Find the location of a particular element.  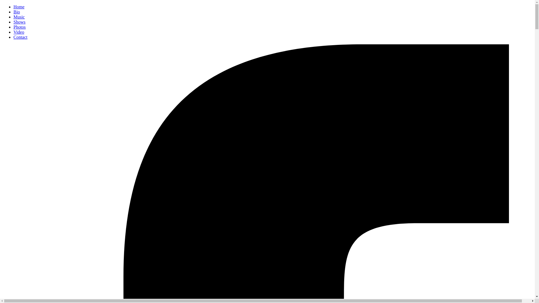

'Video' is located at coordinates (13, 32).